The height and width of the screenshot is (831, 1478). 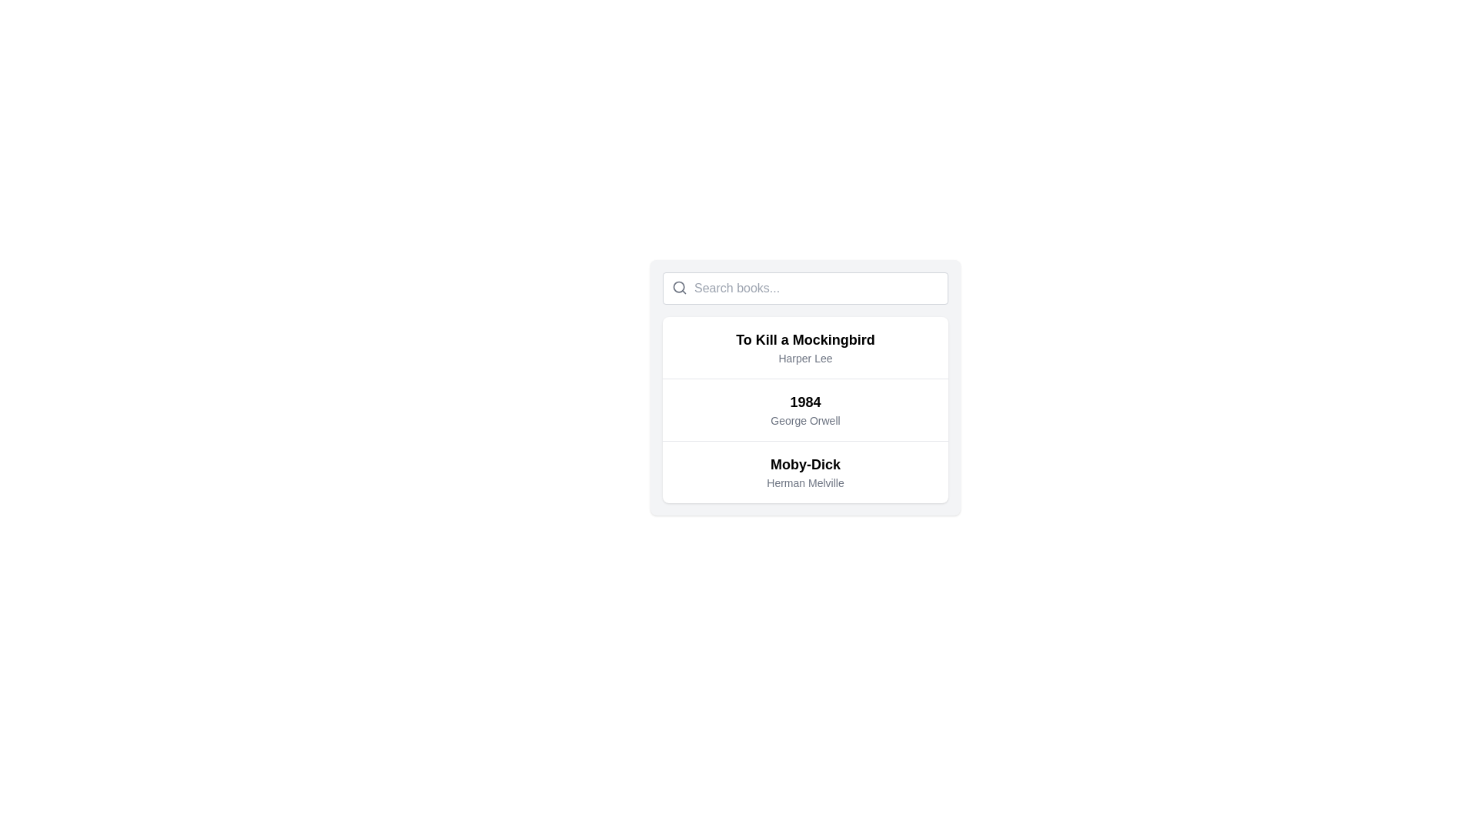 What do you see at coordinates (804, 359) in the screenshot?
I see `the text label displaying 'Harper Lee' located directly below the title 'To Kill a Mockingbird'` at bounding box center [804, 359].